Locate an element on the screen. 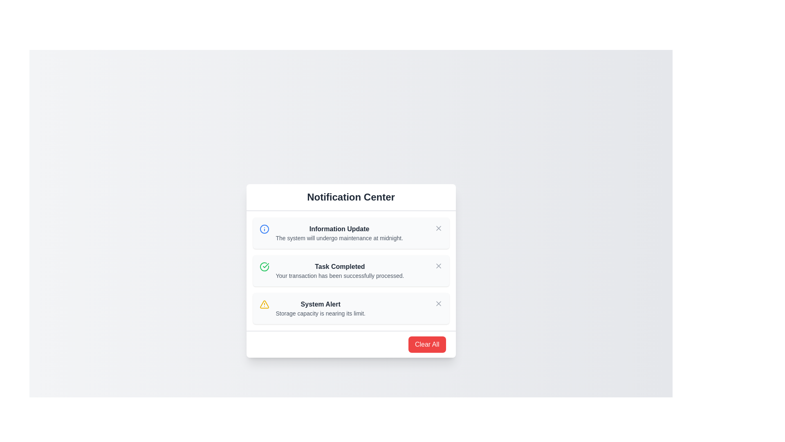 Image resolution: width=785 pixels, height=442 pixels. text from the 'Notification Center' label, which is displayed in a bold font style at the top of a white card interface is located at coordinates (351, 197).